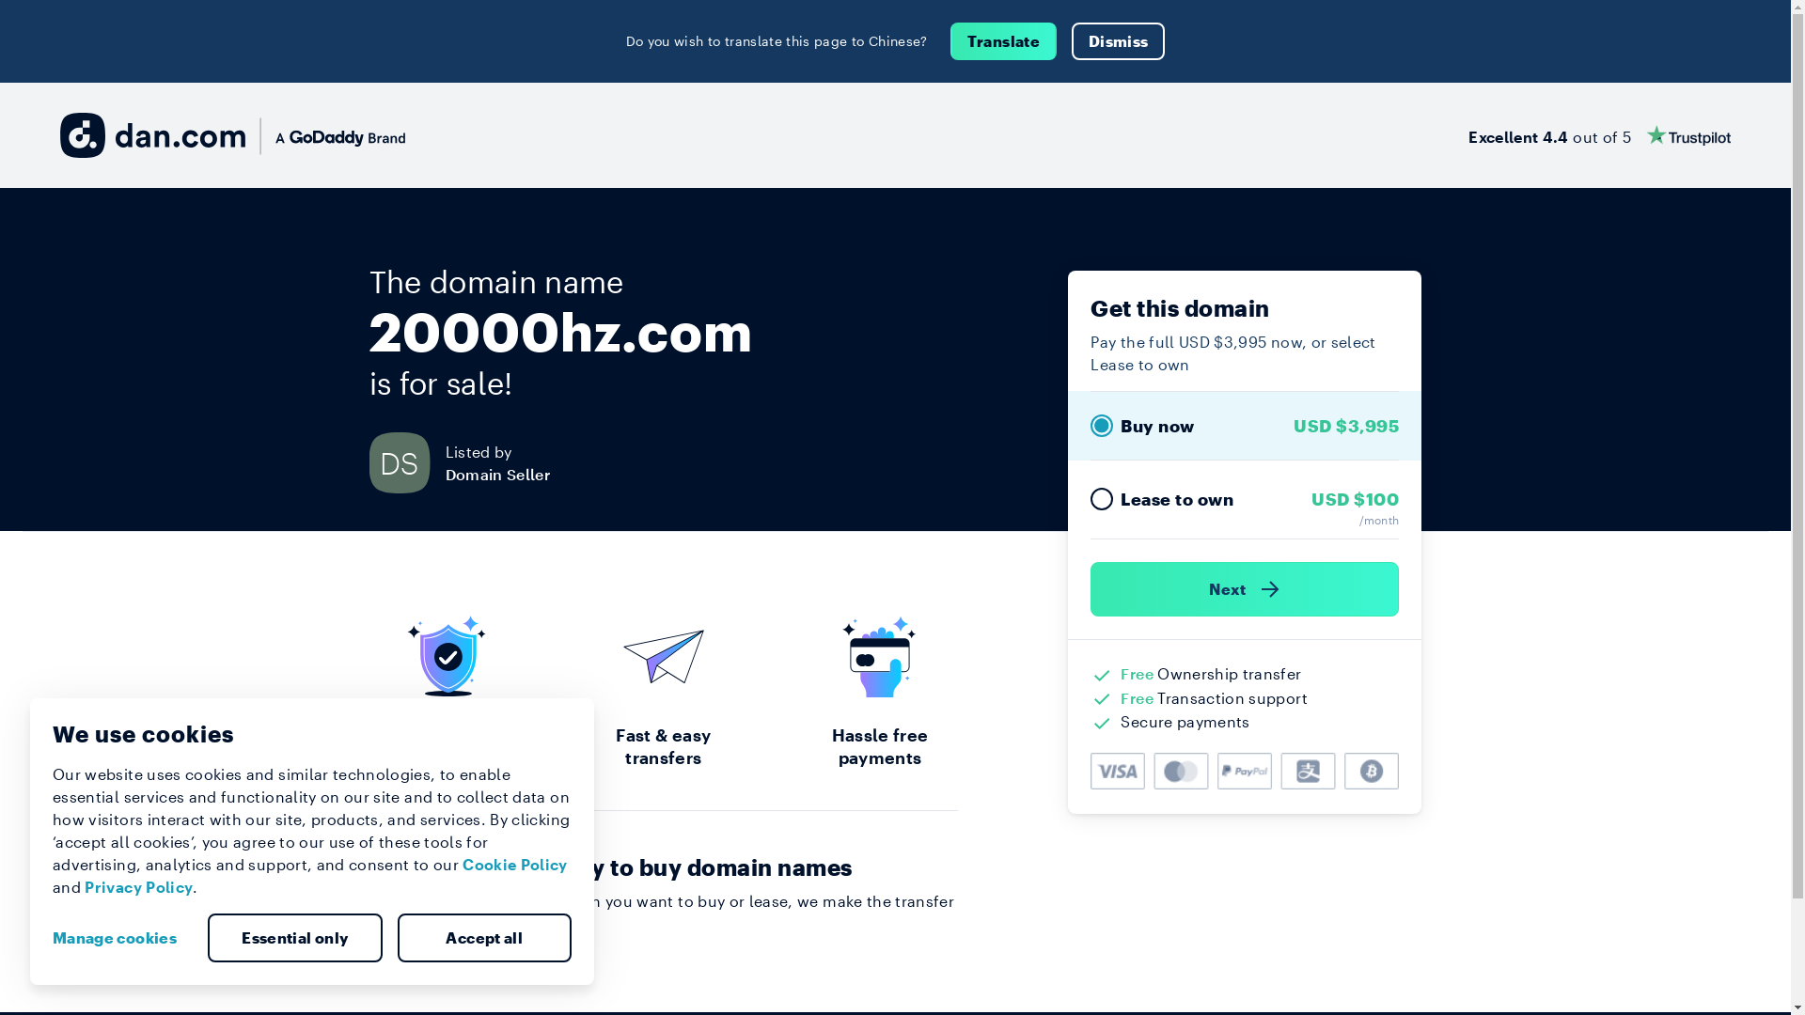  I want to click on 'Excellent 4.4 out of 5', so click(1598, 133).